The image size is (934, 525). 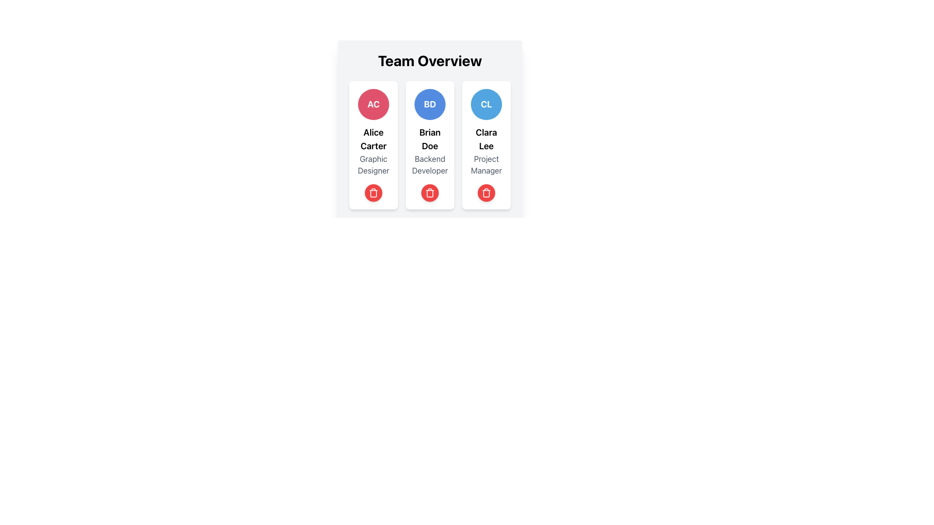 What do you see at coordinates (429, 145) in the screenshot?
I see `the Profile card component displaying 'Brian Doe' and 'Backend Developer', which is the second card in a row of three cards` at bounding box center [429, 145].